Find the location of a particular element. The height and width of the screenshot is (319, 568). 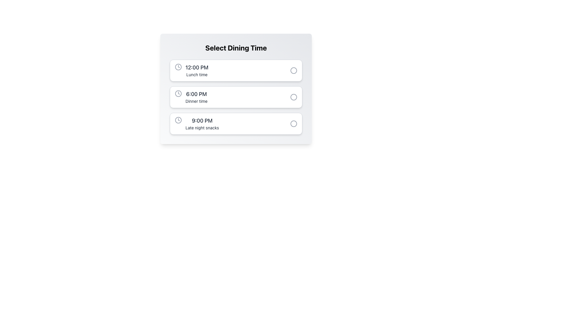

the radio button selector corresponding to the '6:00 PM' option in the 'Select Dining Time' dialog box is located at coordinates (294, 97).